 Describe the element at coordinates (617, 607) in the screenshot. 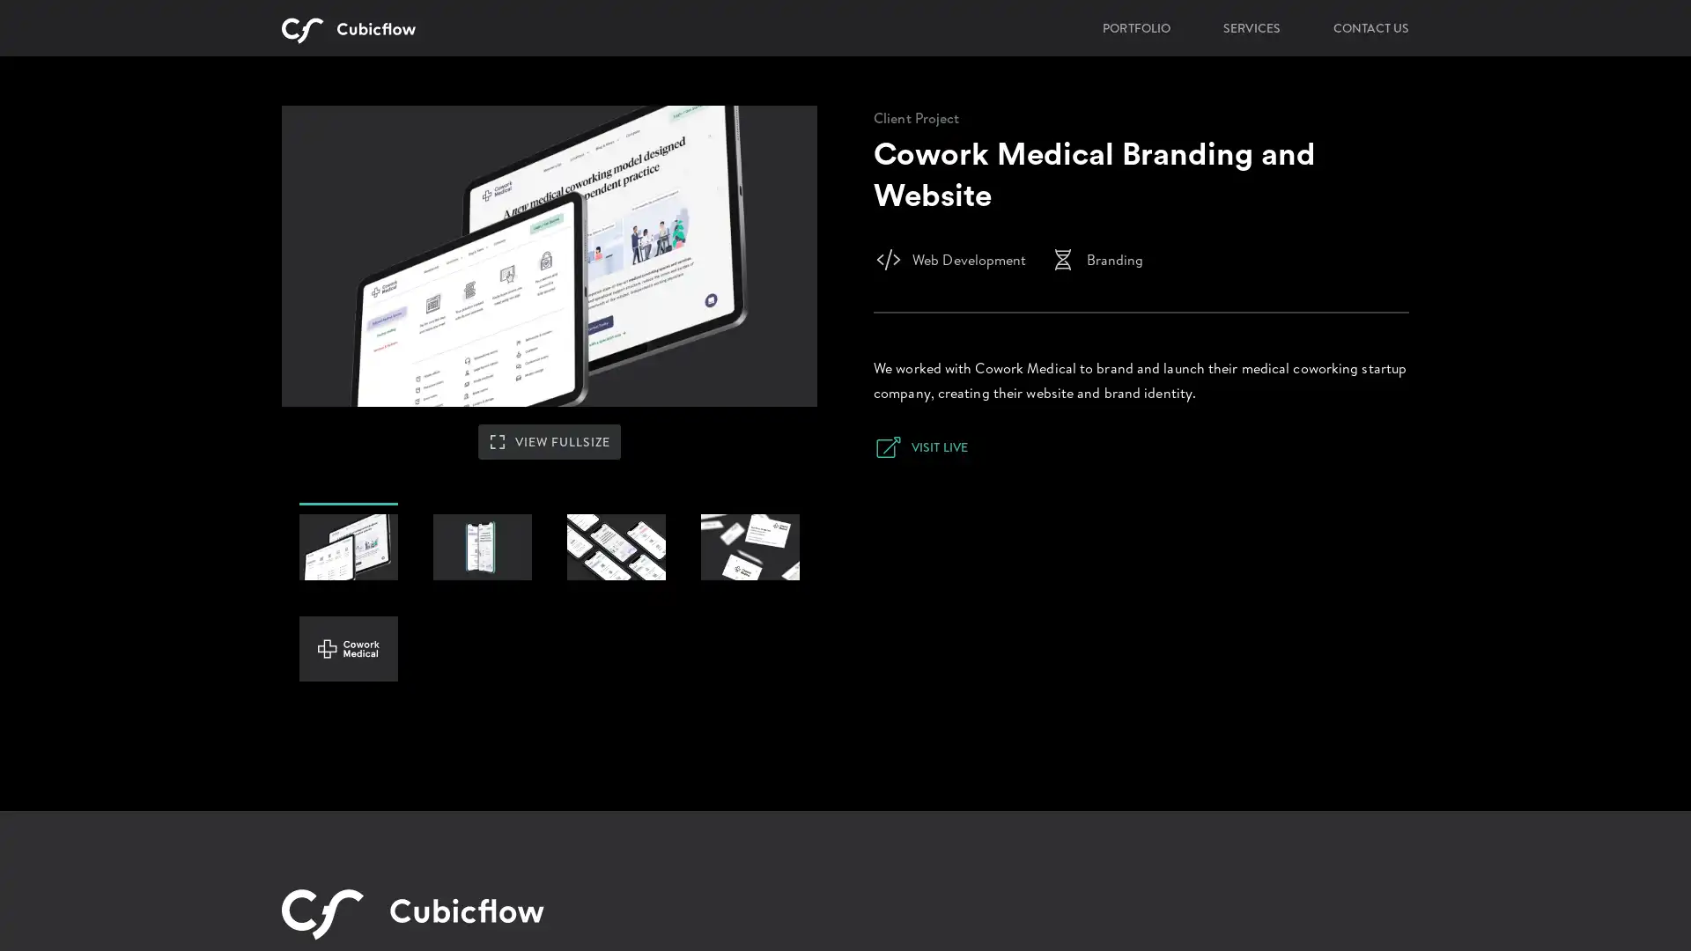

I see `#` at that location.